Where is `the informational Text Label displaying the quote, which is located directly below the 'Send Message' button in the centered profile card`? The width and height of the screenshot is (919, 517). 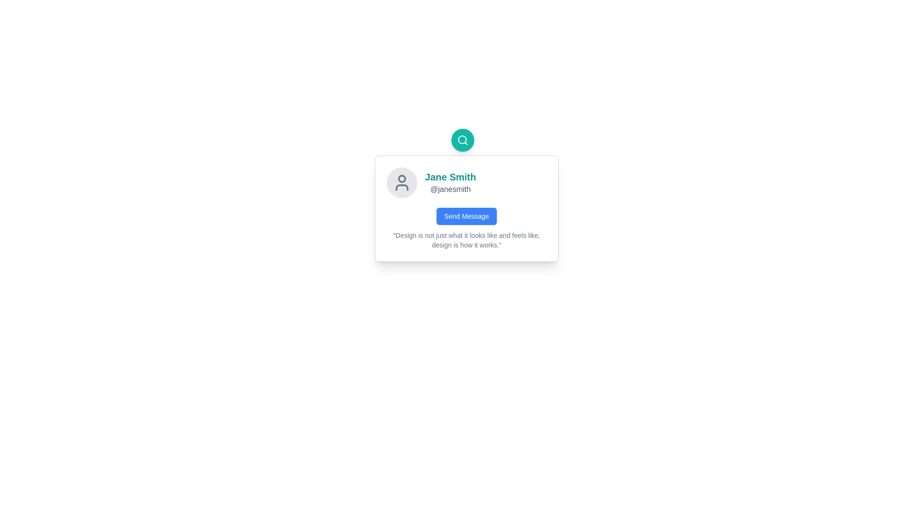 the informational Text Label displaying the quote, which is located directly below the 'Send Message' button in the centered profile card is located at coordinates (466, 239).